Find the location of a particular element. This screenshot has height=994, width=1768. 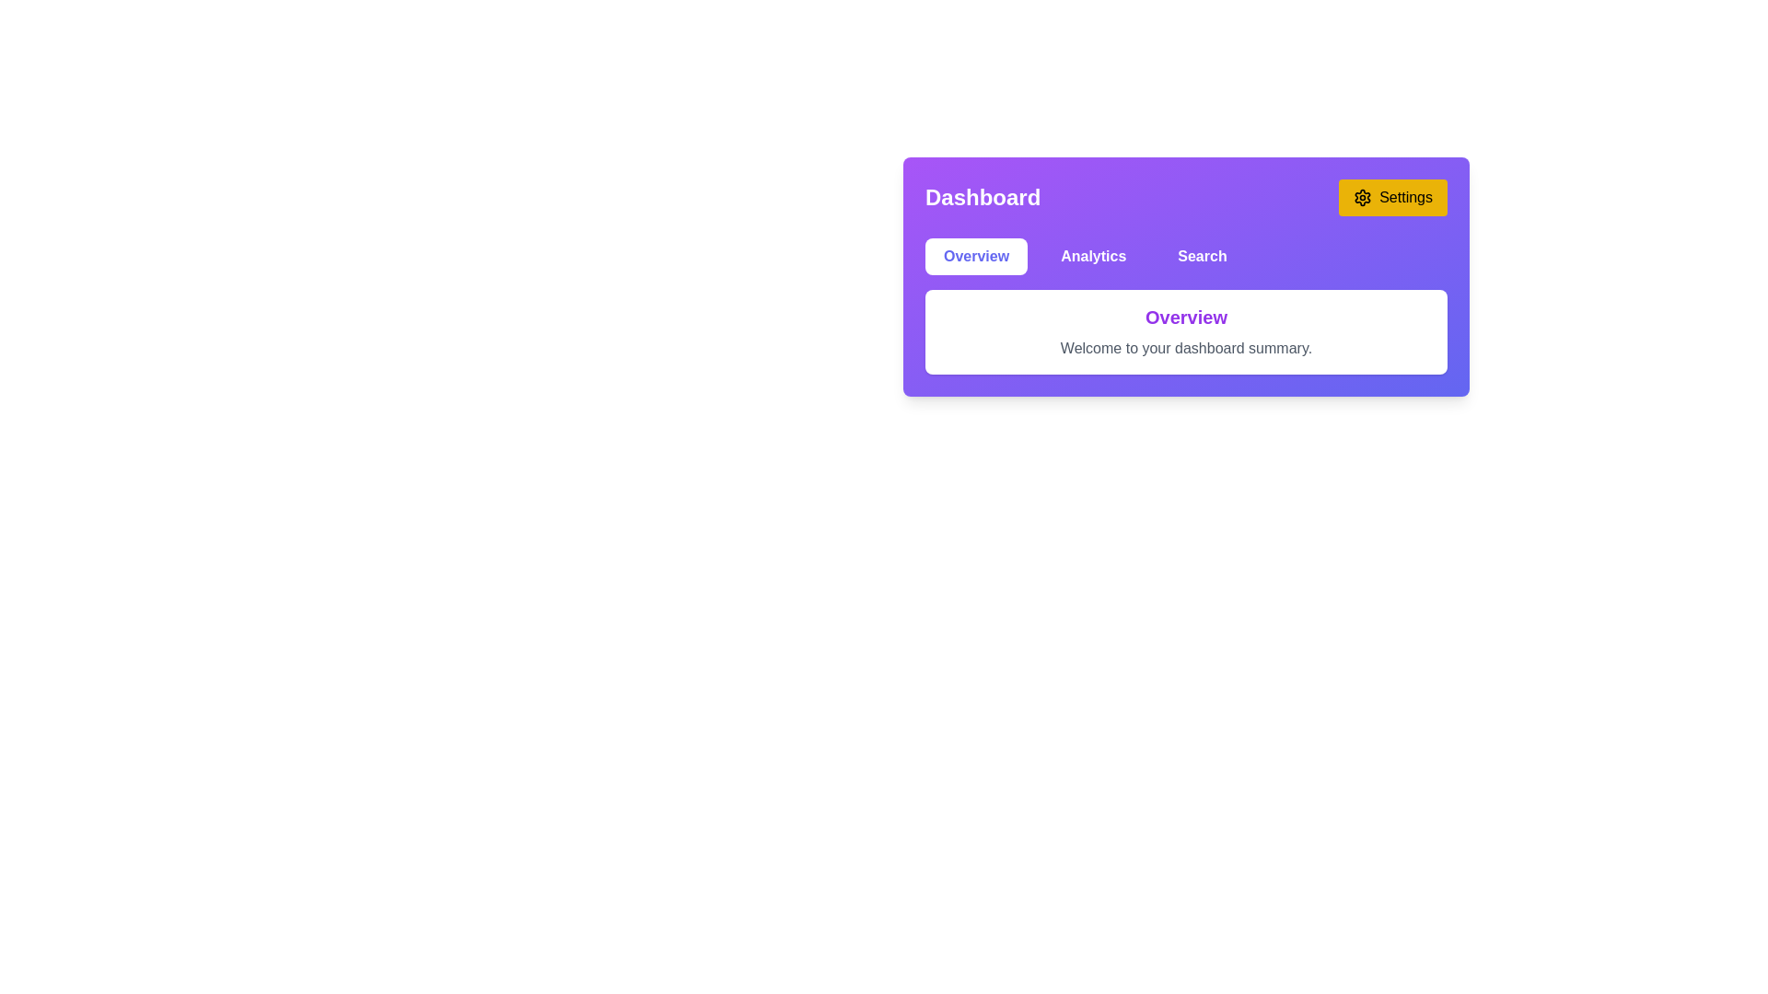

the small gear-shaped icon located at the left-most portion of the yellow rounded rectangular button labeled 'Settings' is located at coordinates (1363, 198).